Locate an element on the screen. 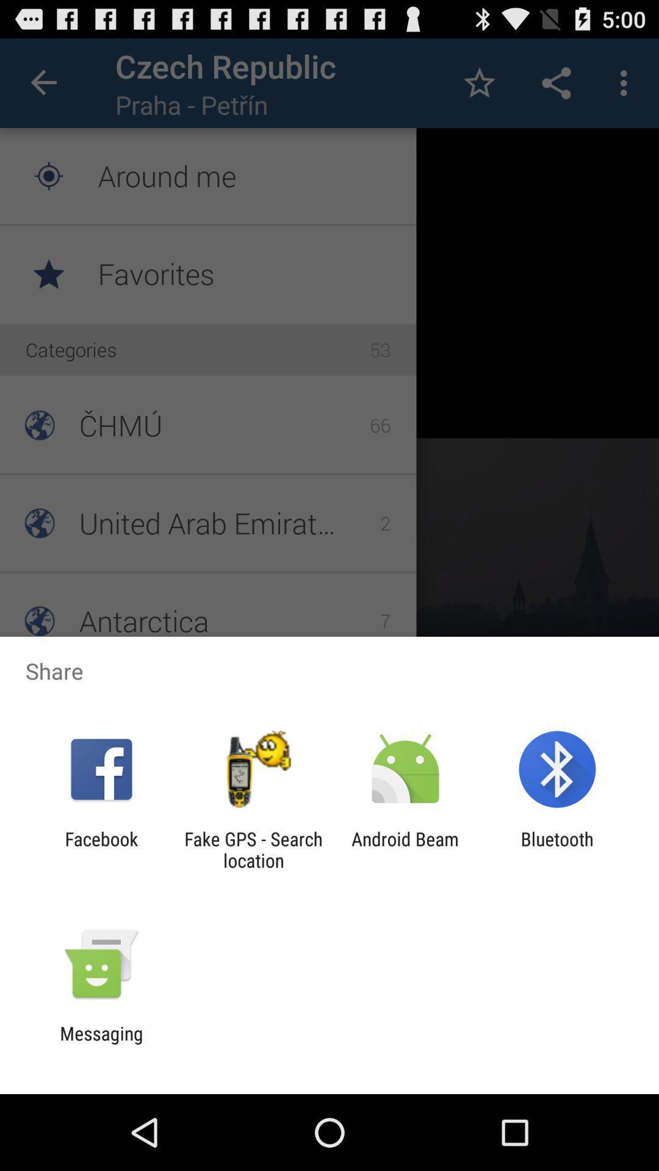 The width and height of the screenshot is (659, 1171). the item at the bottom right corner is located at coordinates (557, 849).